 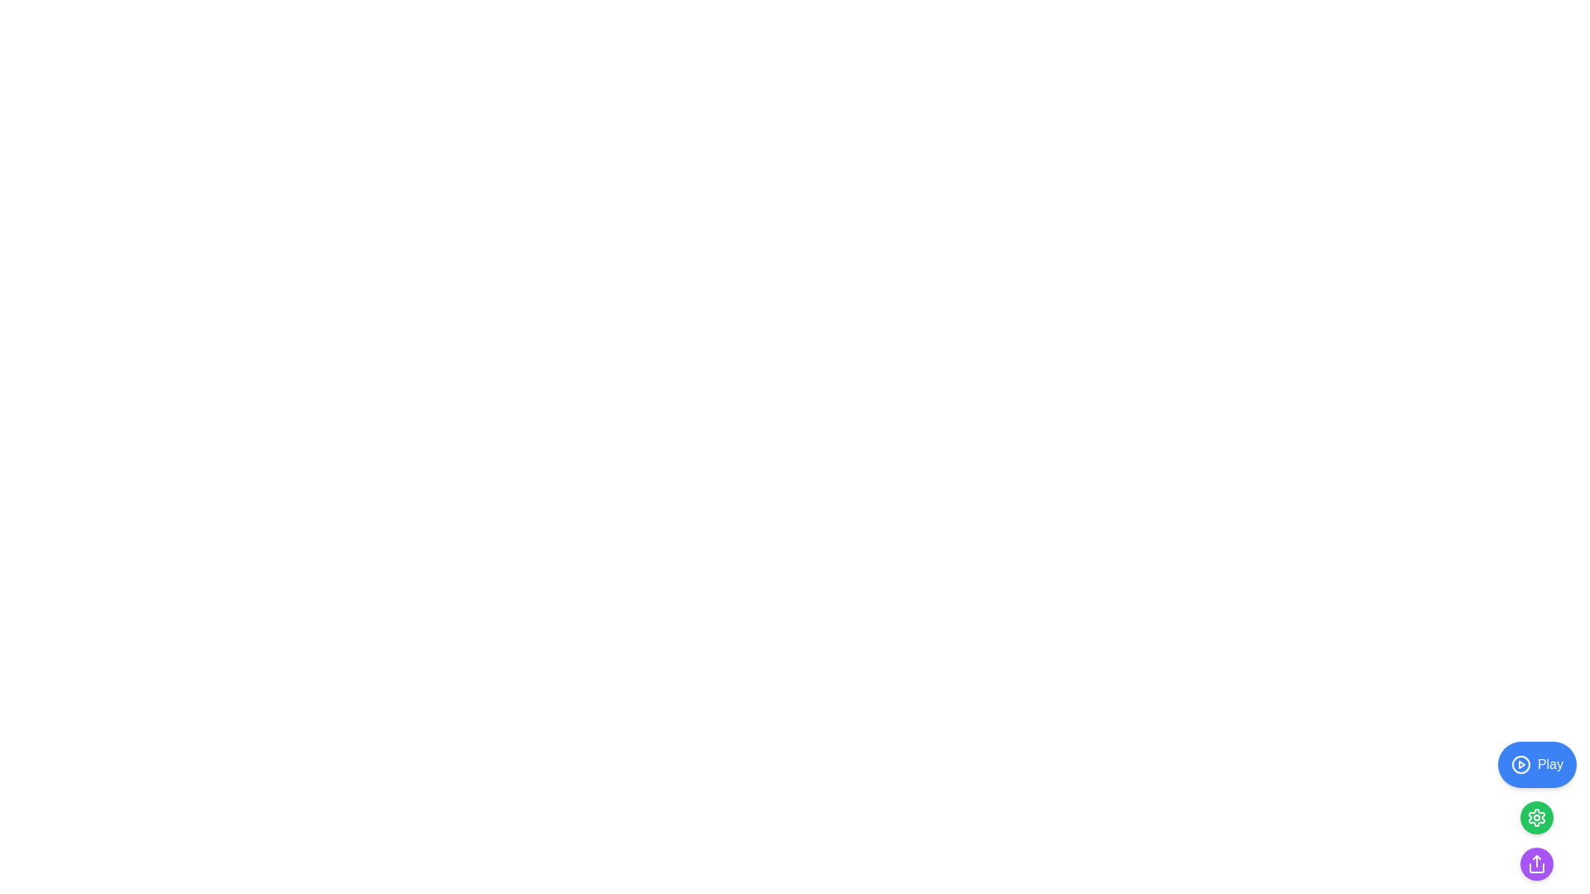 I want to click on the play icon located adjacent to the 'Play' text on the blue button in the lower-right quadrant of the interface, so click(x=1520, y=765).